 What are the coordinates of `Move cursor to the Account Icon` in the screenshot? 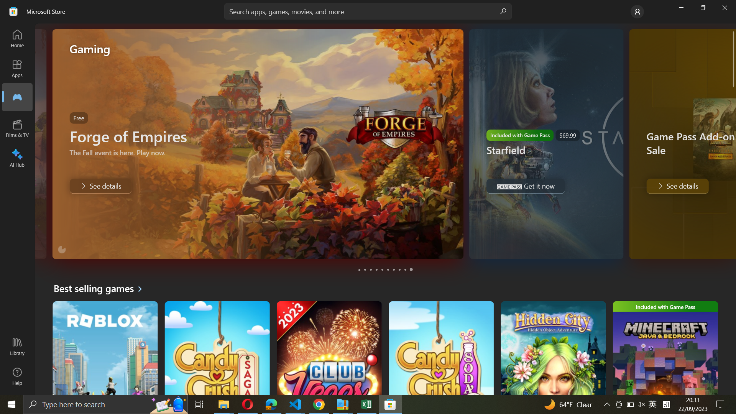 It's located at (1222496, 12420).